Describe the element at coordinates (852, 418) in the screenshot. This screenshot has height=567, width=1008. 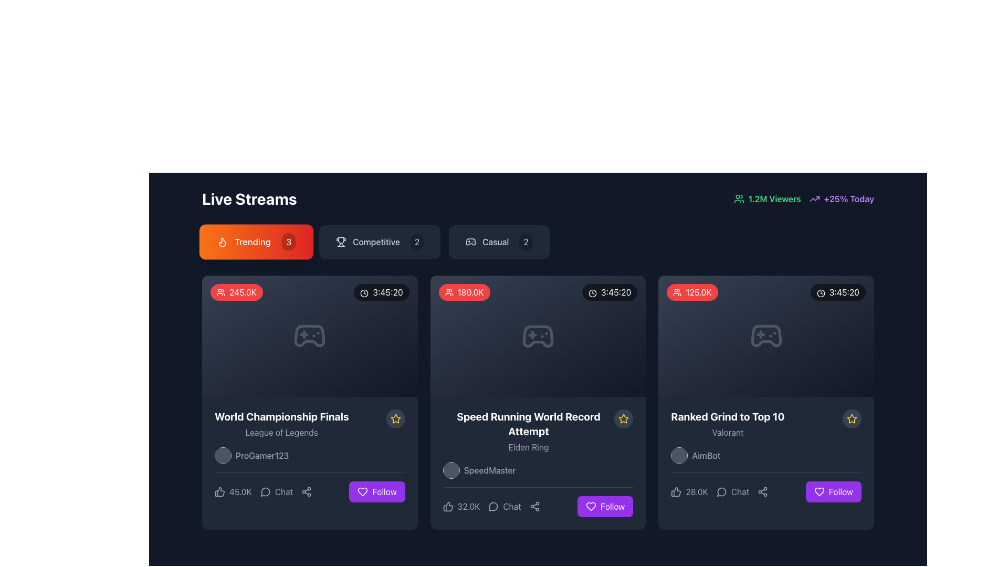
I see `the star icon located in the bottom right section of the rightmost card in a grid layout` at that location.